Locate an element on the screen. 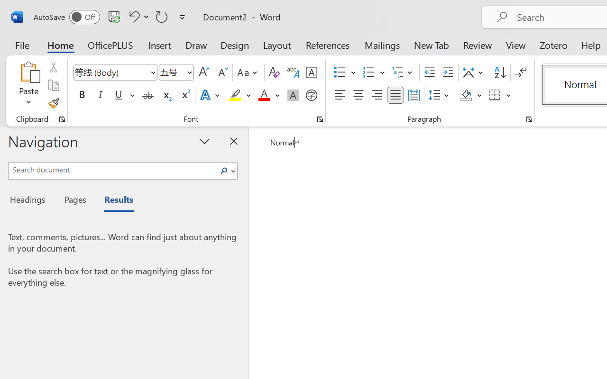 The image size is (607, 379). 'Font Color' is located at coordinates (268, 95).